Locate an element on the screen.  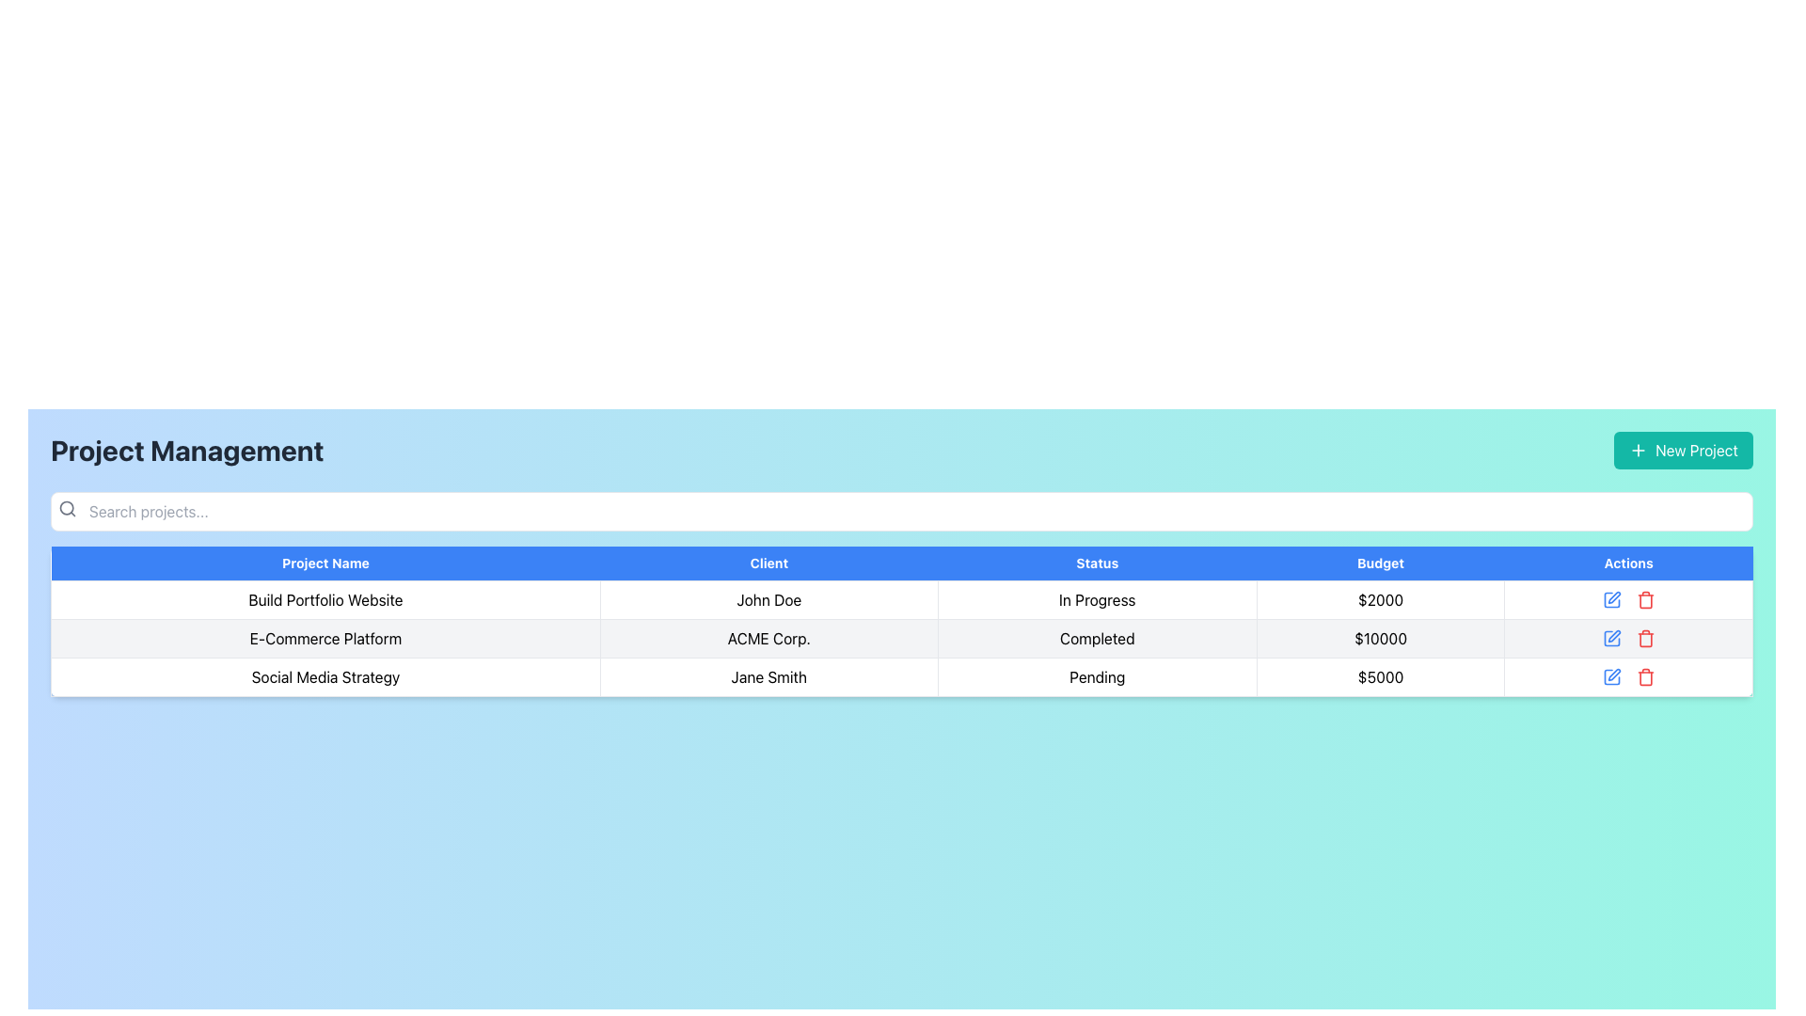
the first row of the data table displaying project details is located at coordinates (901, 599).